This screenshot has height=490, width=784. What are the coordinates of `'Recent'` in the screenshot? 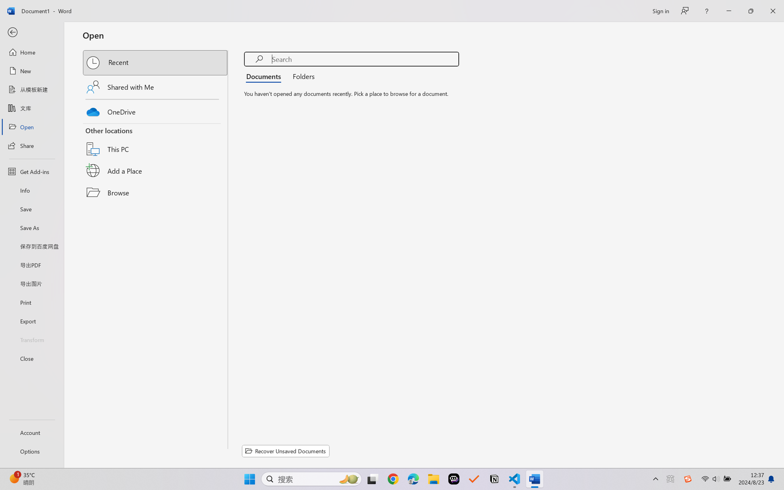 It's located at (156, 62).